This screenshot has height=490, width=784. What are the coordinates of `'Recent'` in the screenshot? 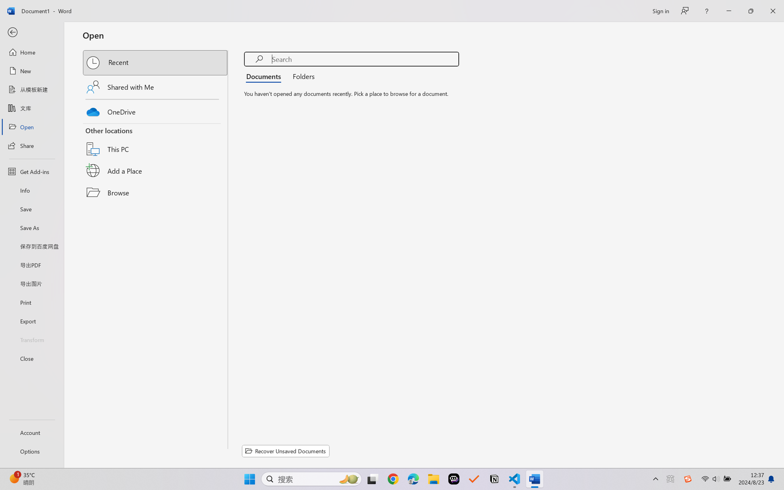 It's located at (156, 62).